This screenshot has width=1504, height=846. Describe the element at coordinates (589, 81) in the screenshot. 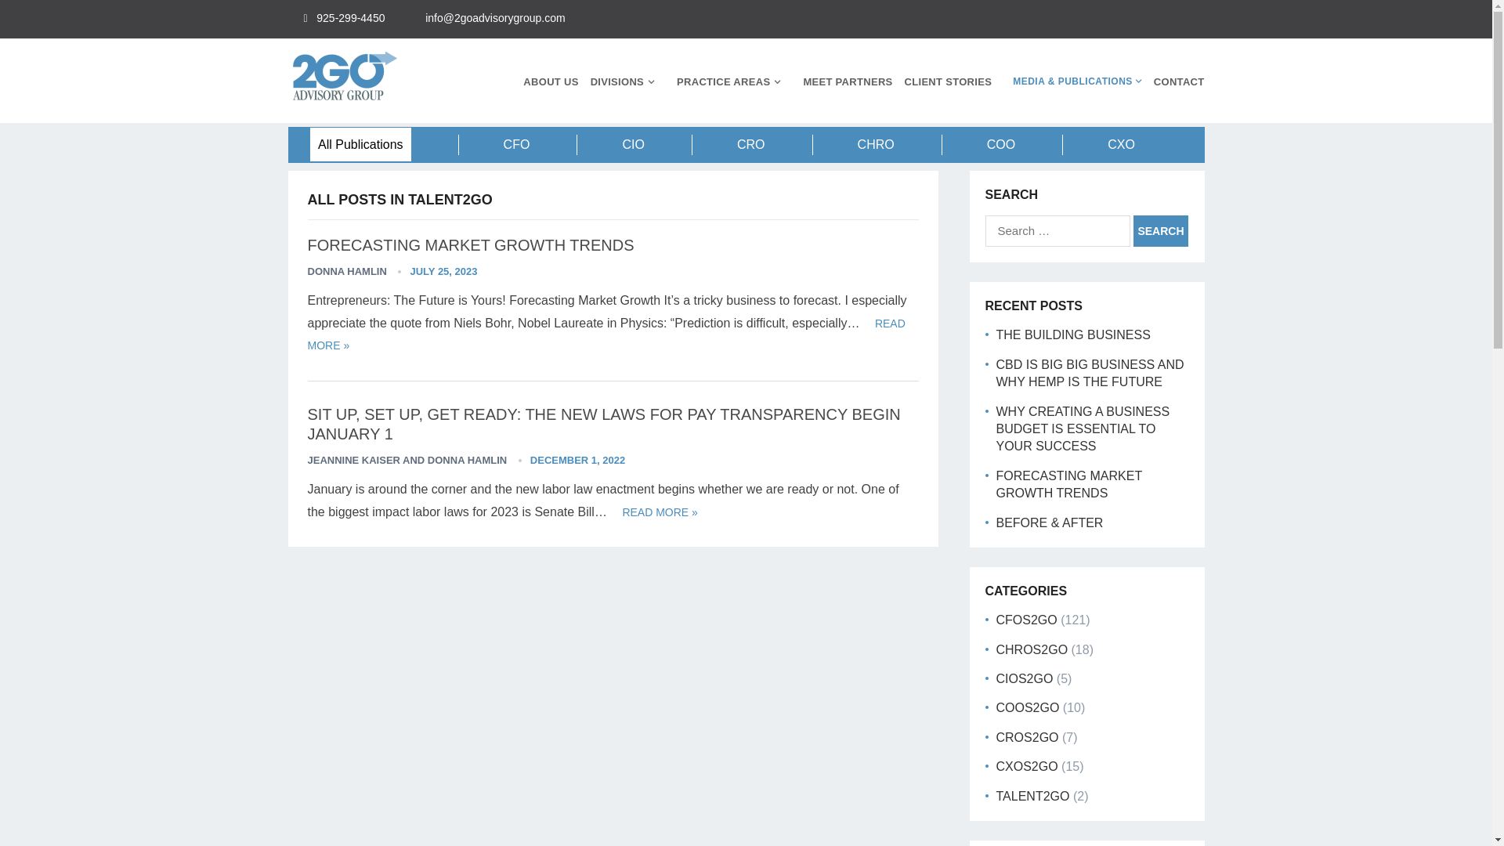

I see `'DIVISIONS'` at that location.